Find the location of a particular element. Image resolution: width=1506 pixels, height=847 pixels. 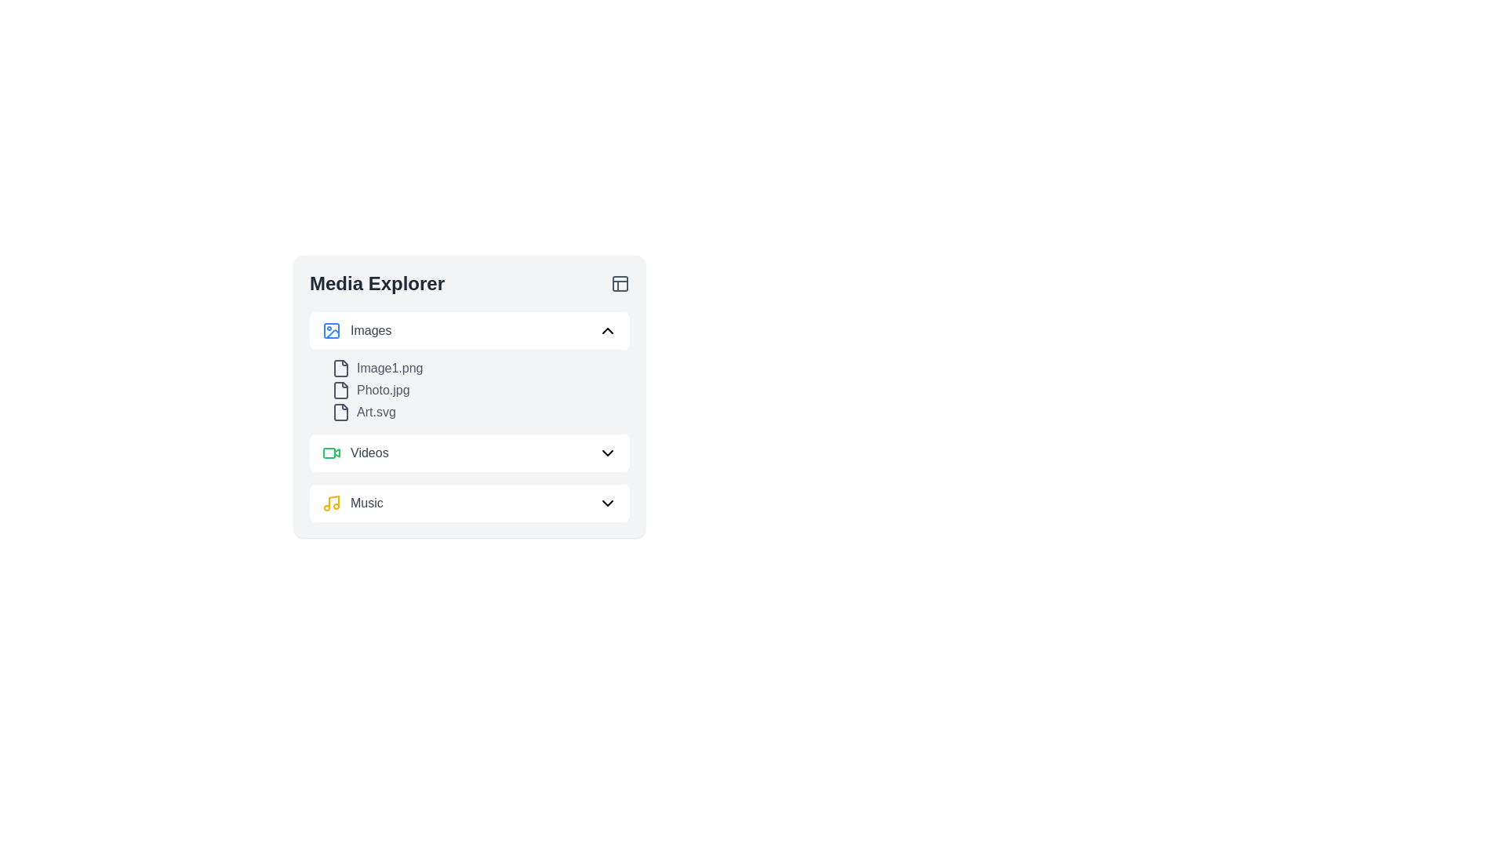

on the first file entry in the 'Images' category list is located at coordinates (469, 366).